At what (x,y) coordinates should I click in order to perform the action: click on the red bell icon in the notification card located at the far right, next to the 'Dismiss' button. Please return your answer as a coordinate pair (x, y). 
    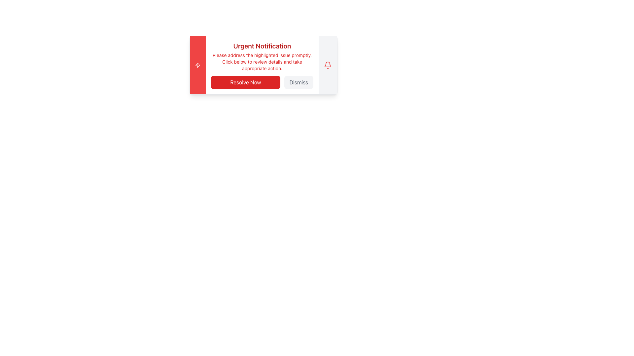
    Looking at the image, I should click on (328, 65).